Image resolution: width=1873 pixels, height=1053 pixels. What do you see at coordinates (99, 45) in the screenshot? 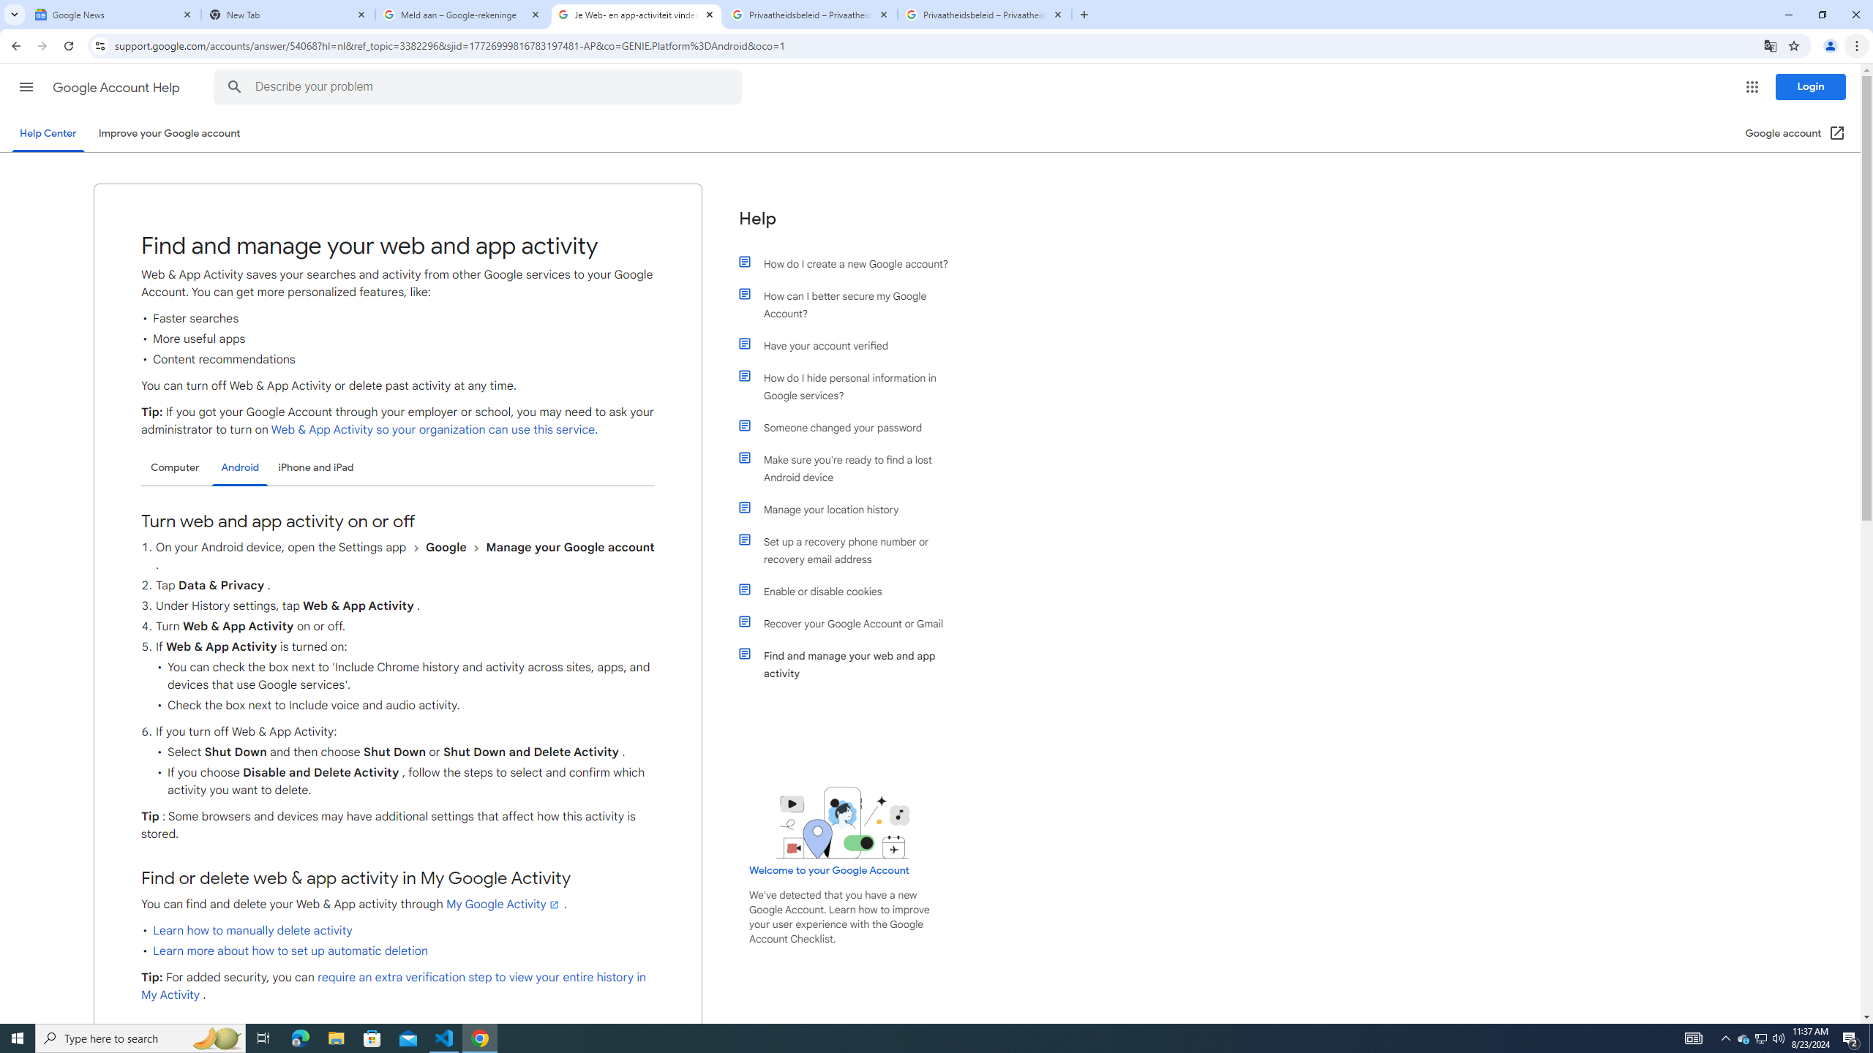
I see `'View site information'` at bounding box center [99, 45].